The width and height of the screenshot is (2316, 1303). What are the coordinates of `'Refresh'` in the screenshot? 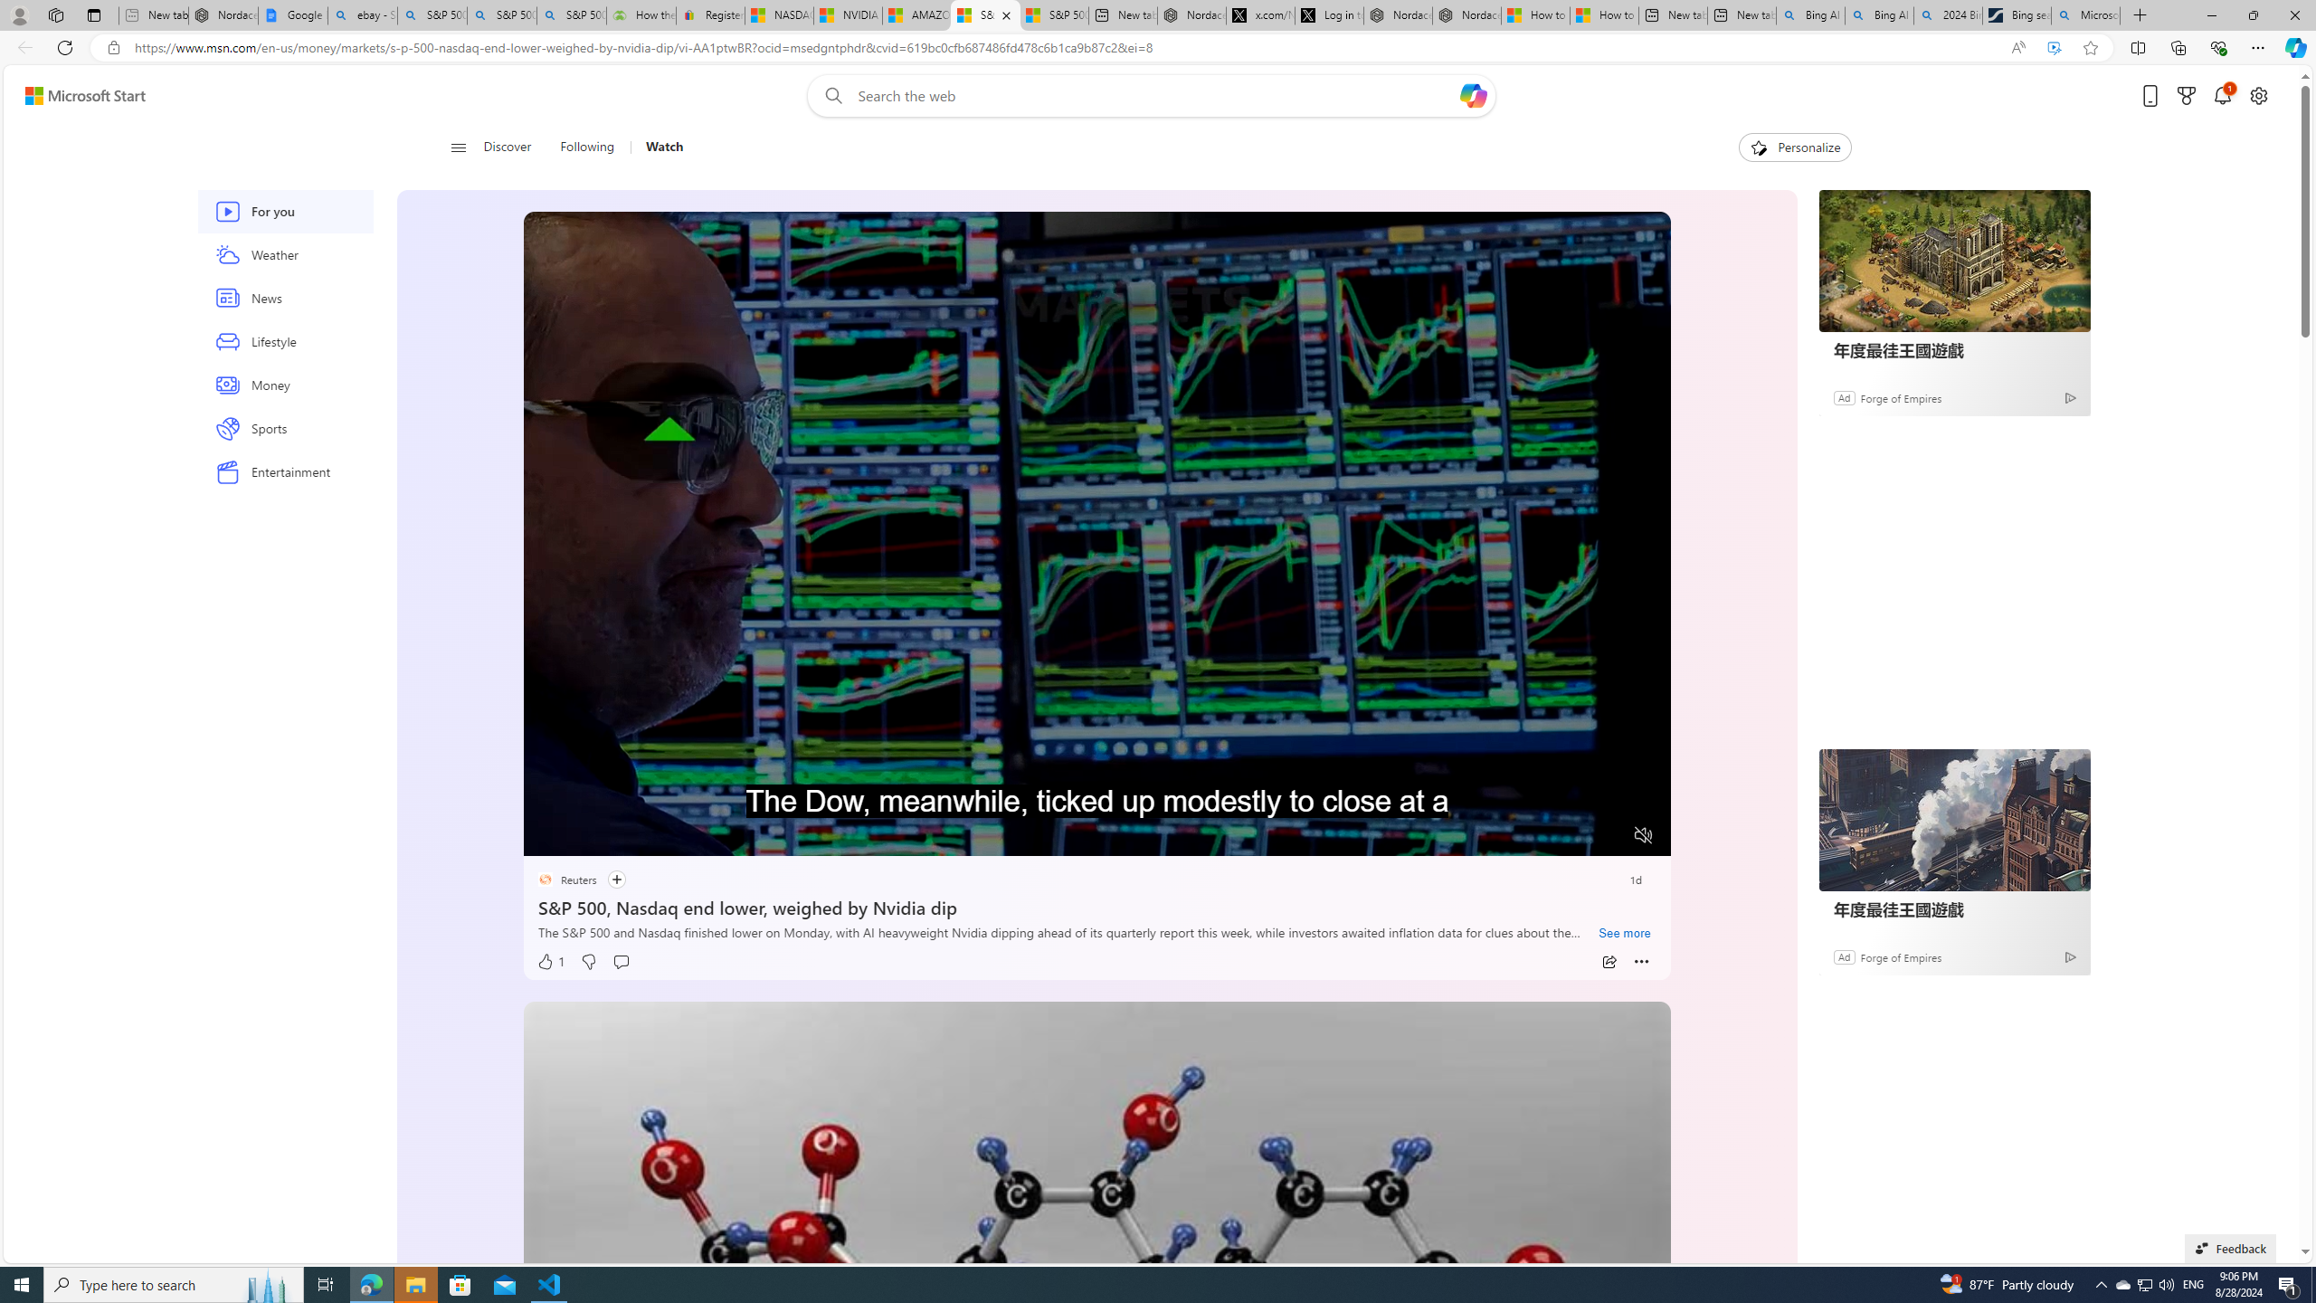 It's located at (63, 46).